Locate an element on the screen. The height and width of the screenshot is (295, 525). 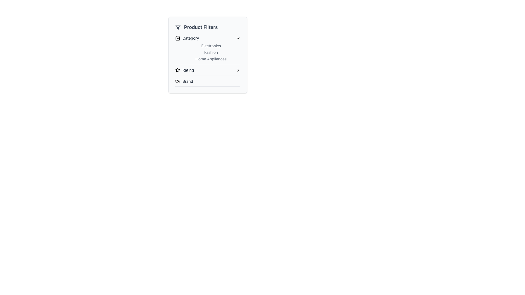
the Icon button located at the end of the 'Rating' row in the 'Product Filters' section is located at coordinates (238, 70).